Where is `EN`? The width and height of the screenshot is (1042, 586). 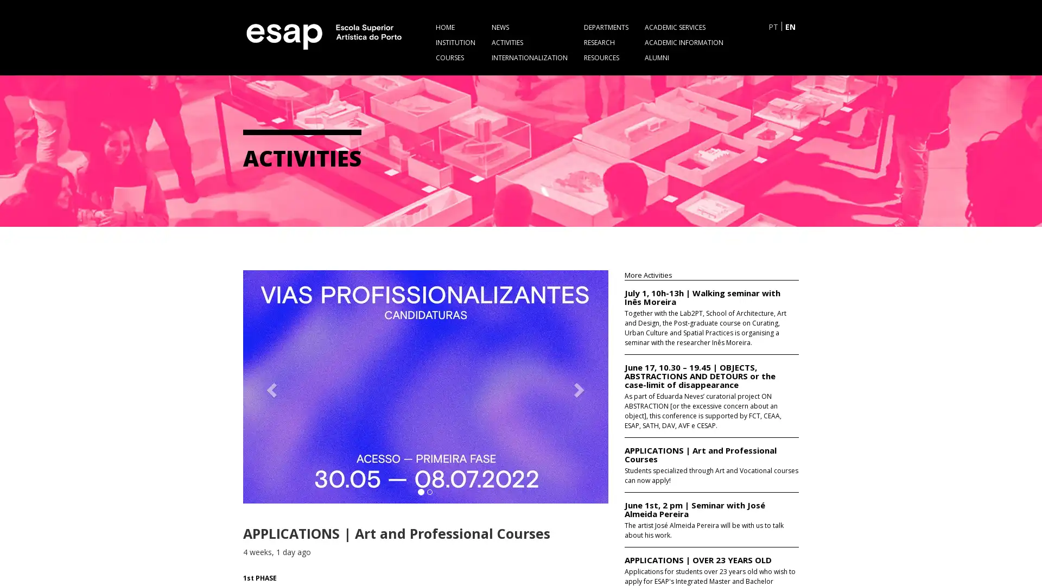 EN is located at coordinates (790, 26).